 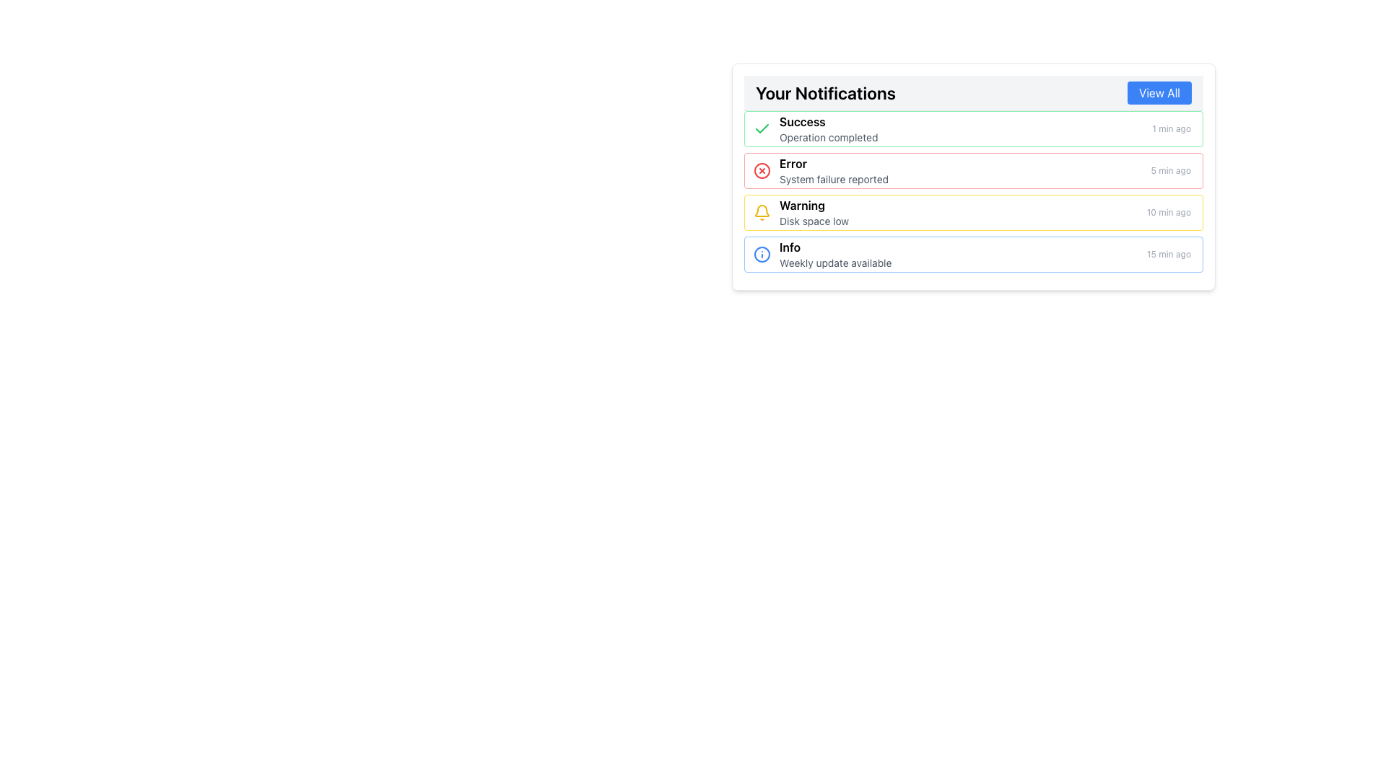 What do you see at coordinates (762, 170) in the screenshot?
I see `the circular red outlined icon representing an error notification in the notifications list, located to the left of the 'Error' label` at bounding box center [762, 170].